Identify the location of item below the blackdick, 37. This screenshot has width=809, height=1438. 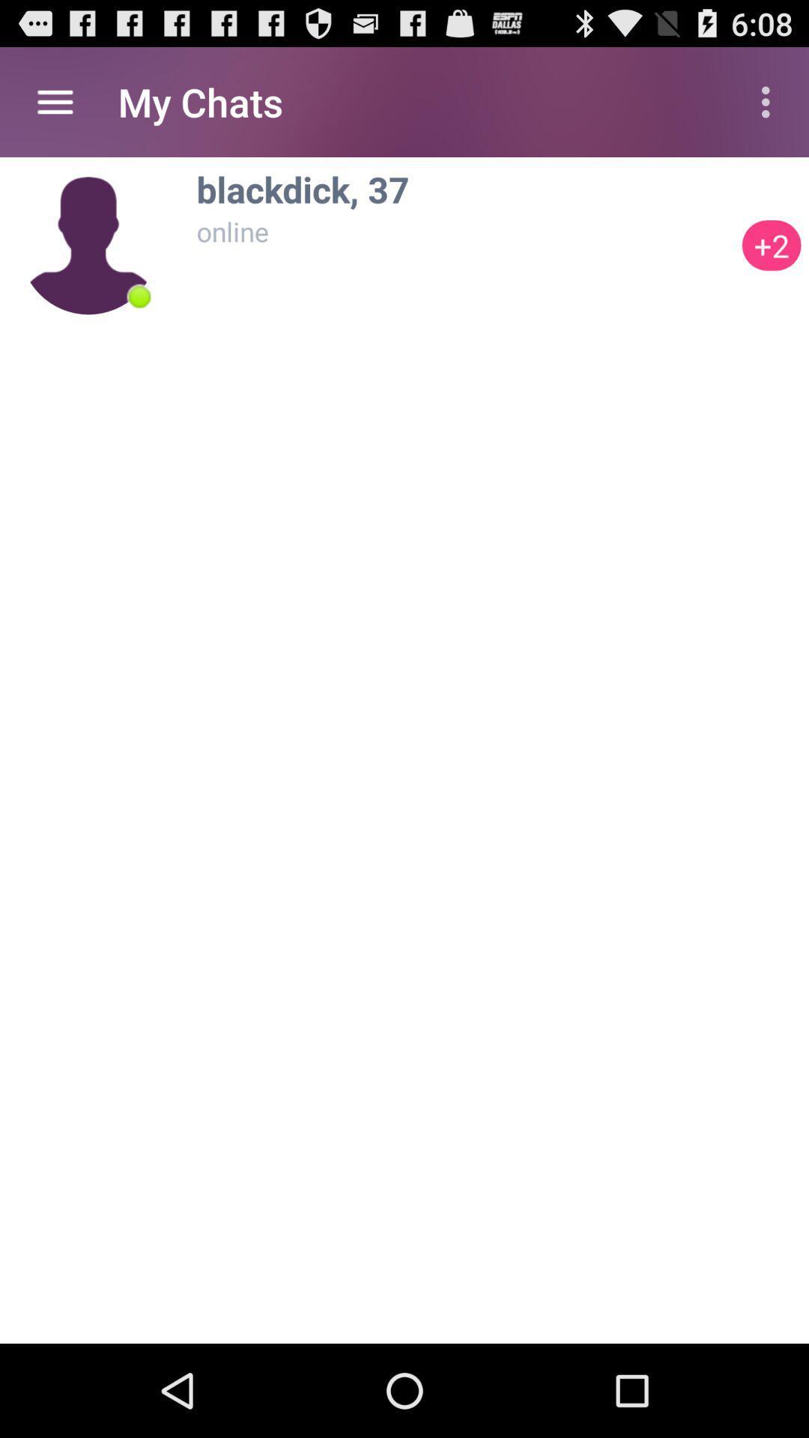
(464, 231).